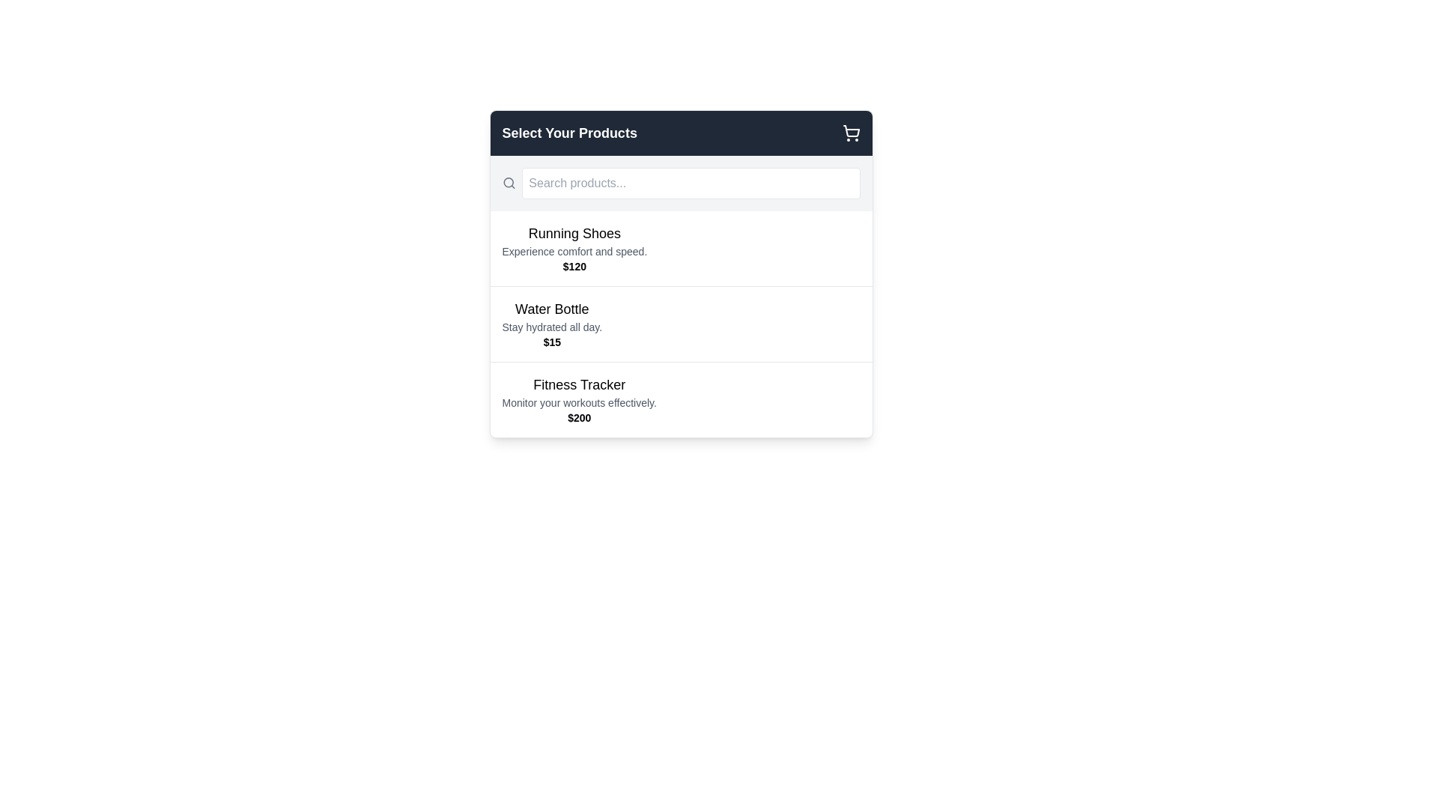 Image resolution: width=1438 pixels, height=809 pixels. What do you see at coordinates (680, 323) in the screenshot?
I see `the second interactive product item` at bounding box center [680, 323].